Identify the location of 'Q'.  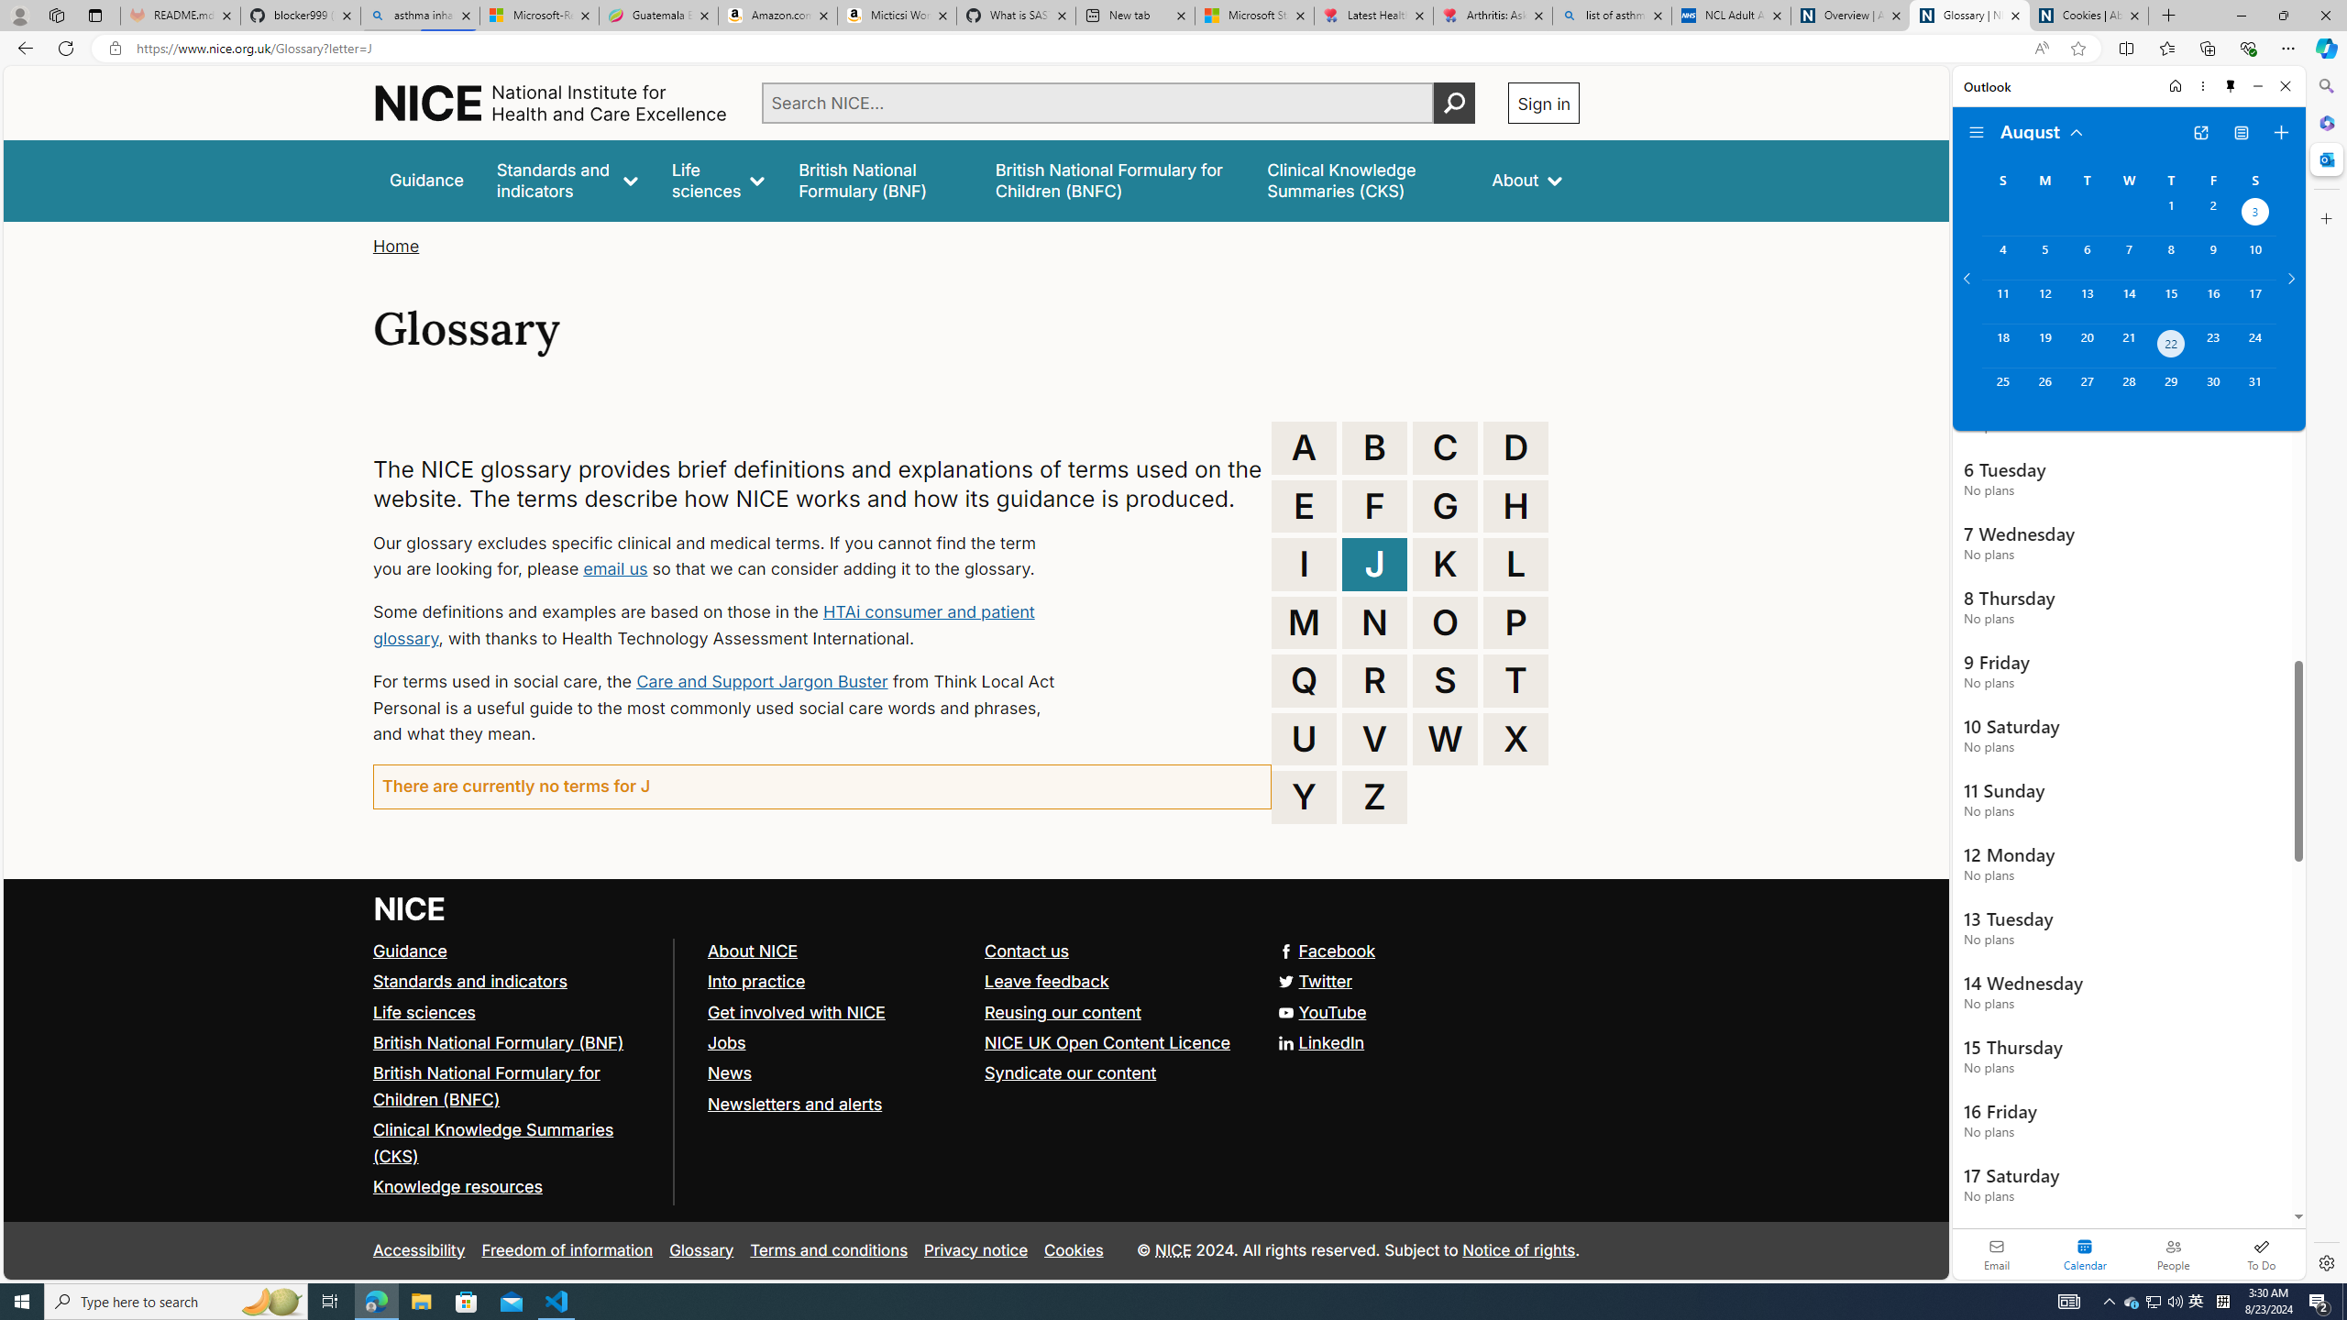
(1304, 680).